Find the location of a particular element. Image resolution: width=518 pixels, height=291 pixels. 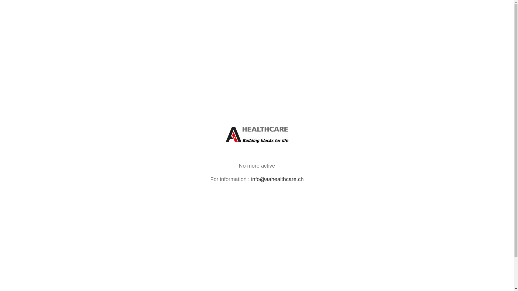

'info@aahealthcare.ch' is located at coordinates (277, 179).